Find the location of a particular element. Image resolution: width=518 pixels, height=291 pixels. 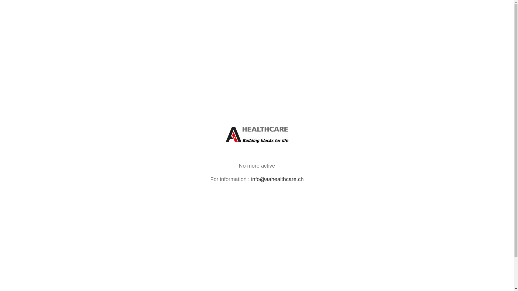

'info@aahealthcare.ch' is located at coordinates (277, 179).